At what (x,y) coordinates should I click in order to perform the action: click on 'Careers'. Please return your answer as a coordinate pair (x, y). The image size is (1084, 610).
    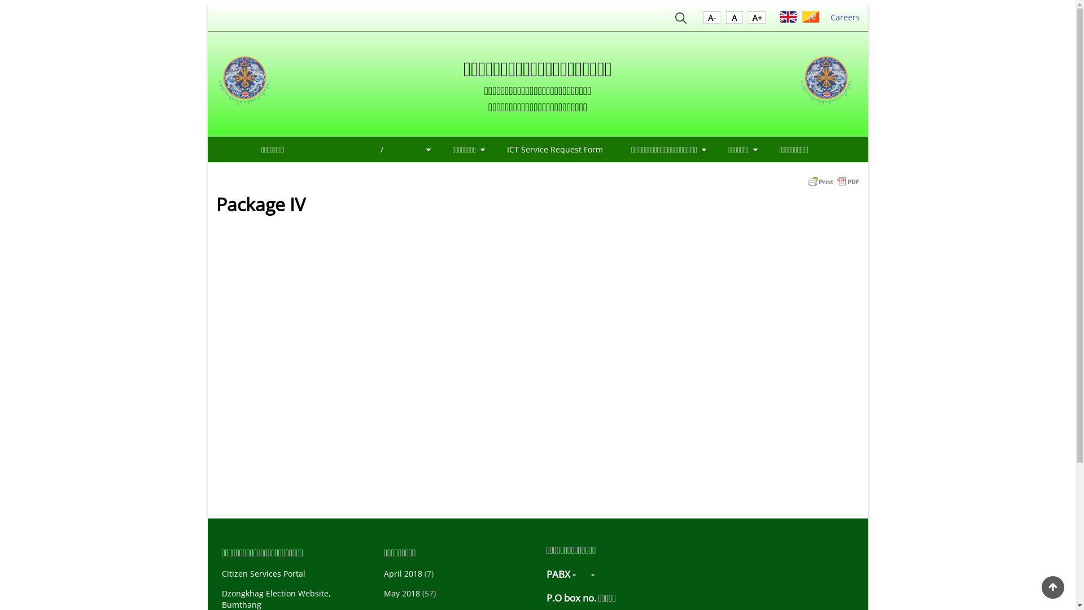
    Looking at the image, I should click on (845, 17).